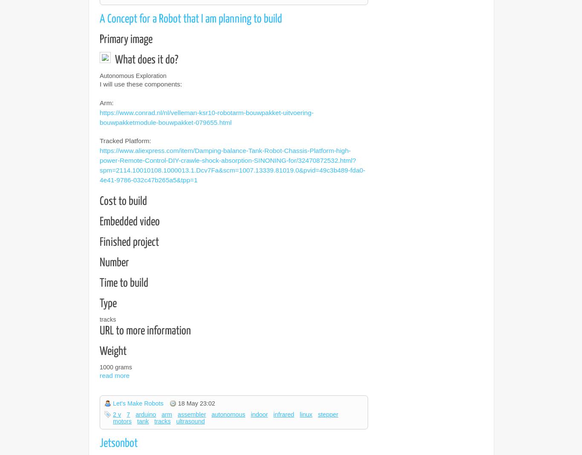 The image size is (582, 455). I want to click on 'autonomous', so click(228, 414).